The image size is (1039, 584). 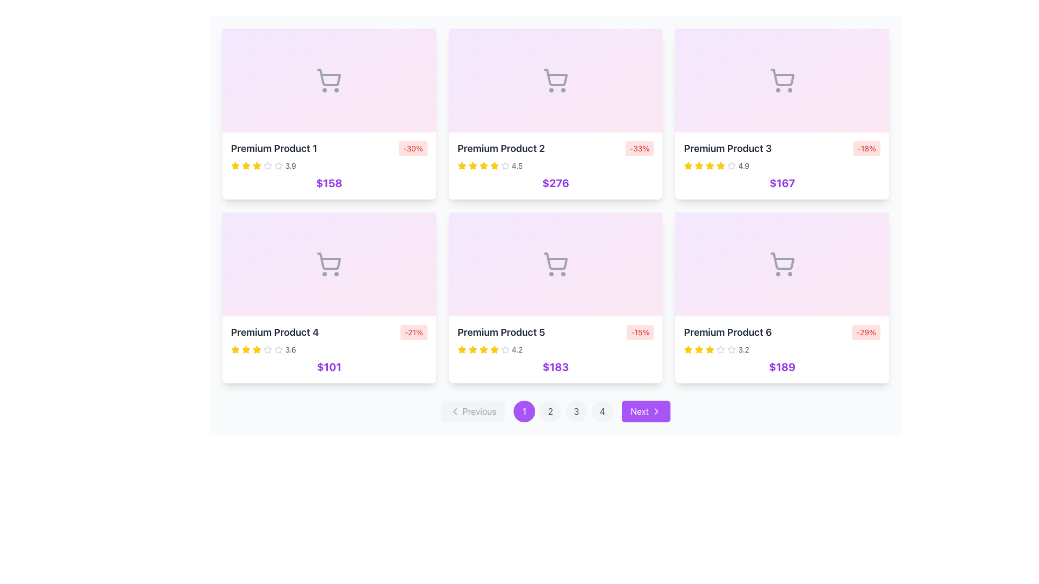 What do you see at coordinates (866, 148) in the screenshot?
I see `discount information presented on the badge located in the top-right corner of the 'Premium Product 3' card` at bounding box center [866, 148].